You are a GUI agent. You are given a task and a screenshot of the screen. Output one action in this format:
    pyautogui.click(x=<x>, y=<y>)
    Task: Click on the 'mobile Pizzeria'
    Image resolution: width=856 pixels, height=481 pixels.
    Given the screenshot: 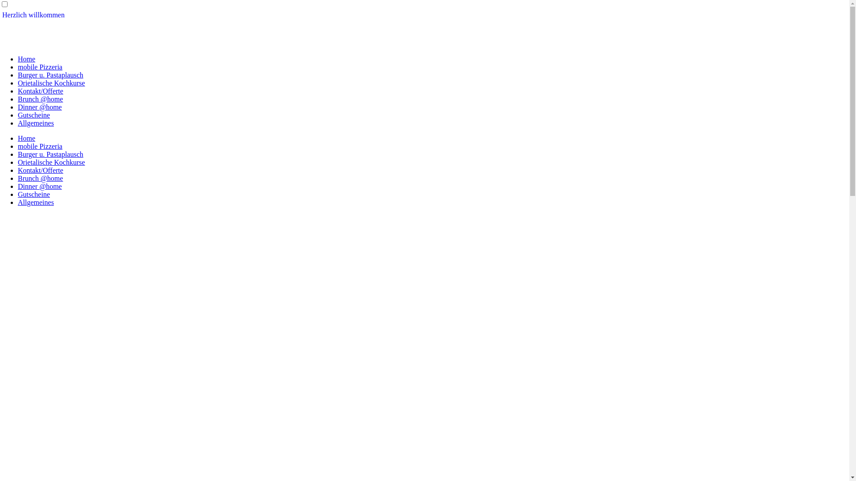 What is the action you would take?
    pyautogui.click(x=40, y=146)
    